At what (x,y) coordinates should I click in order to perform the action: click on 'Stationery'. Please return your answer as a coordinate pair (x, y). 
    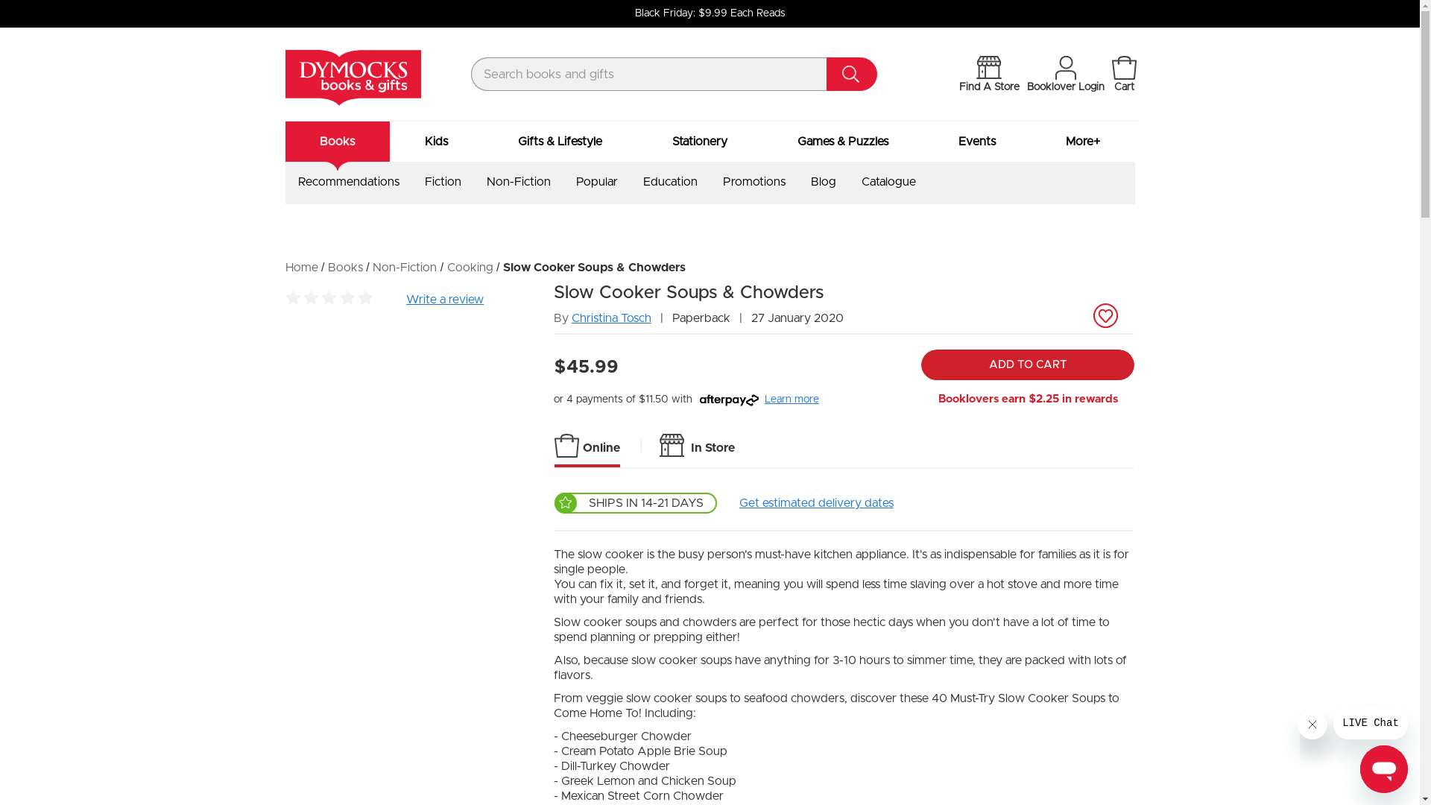
    Looking at the image, I should click on (699, 141).